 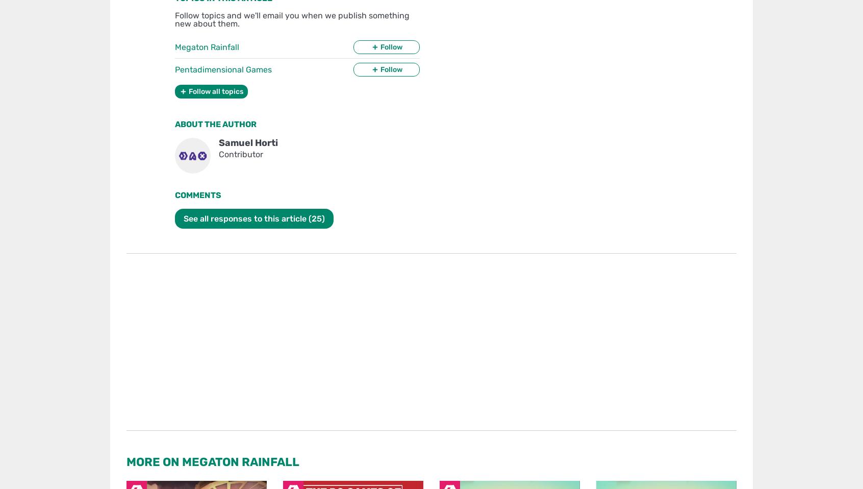 What do you see at coordinates (216, 91) in the screenshot?
I see `'Follow all topics'` at bounding box center [216, 91].